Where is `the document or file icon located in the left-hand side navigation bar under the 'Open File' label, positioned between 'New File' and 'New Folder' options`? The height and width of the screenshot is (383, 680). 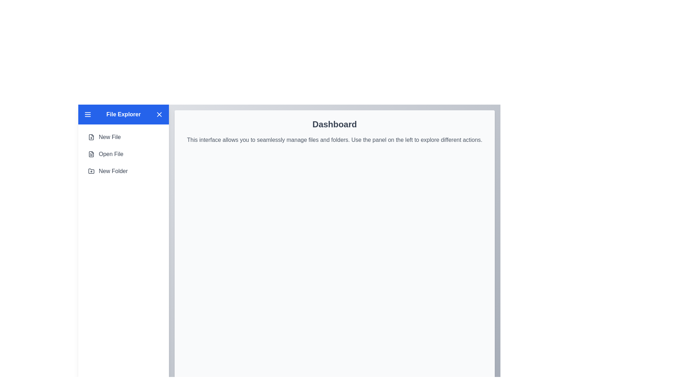 the document or file icon located in the left-hand side navigation bar under the 'Open File' label, positioned between 'New File' and 'New Folder' options is located at coordinates (91, 154).